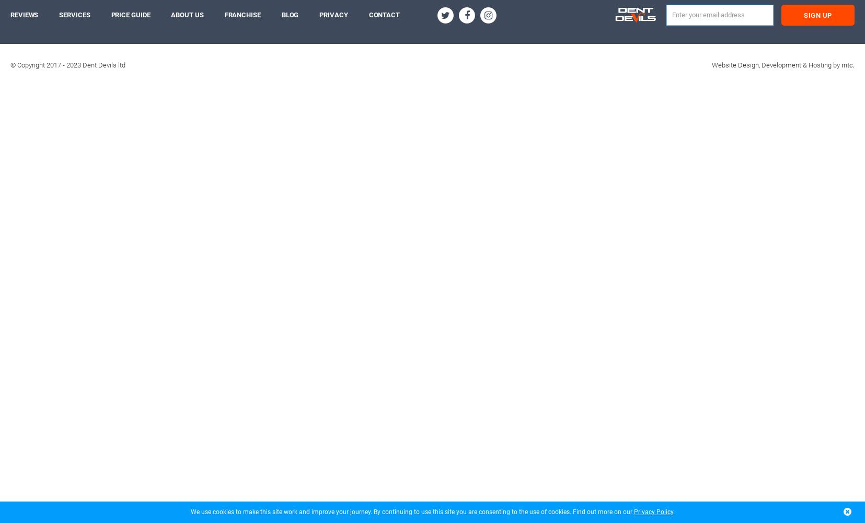  Describe the element at coordinates (736, 64) in the screenshot. I see `'Website Design,'` at that location.